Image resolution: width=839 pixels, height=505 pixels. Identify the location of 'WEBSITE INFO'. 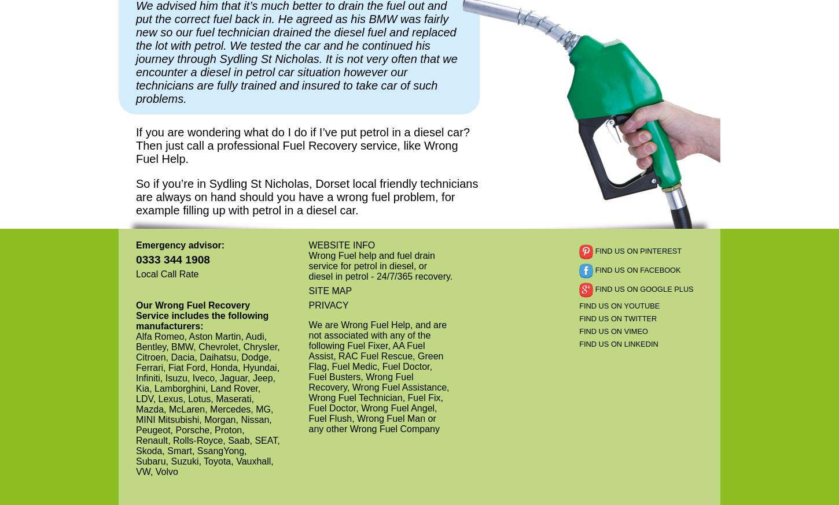
(308, 244).